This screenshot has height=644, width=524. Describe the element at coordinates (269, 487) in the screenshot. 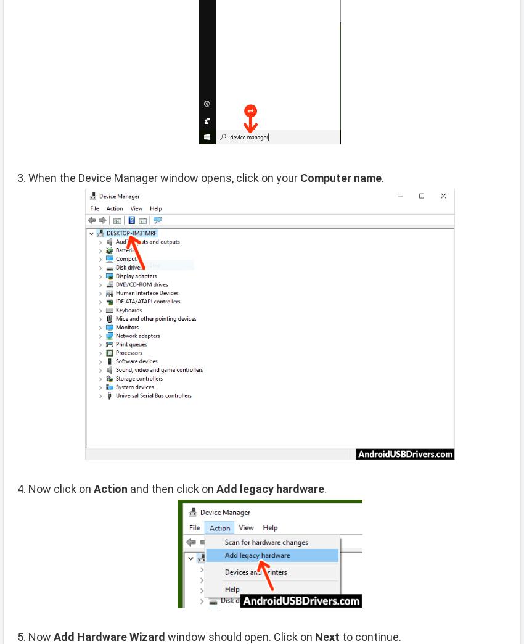

I see `'Add legacy hardware'` at that location.